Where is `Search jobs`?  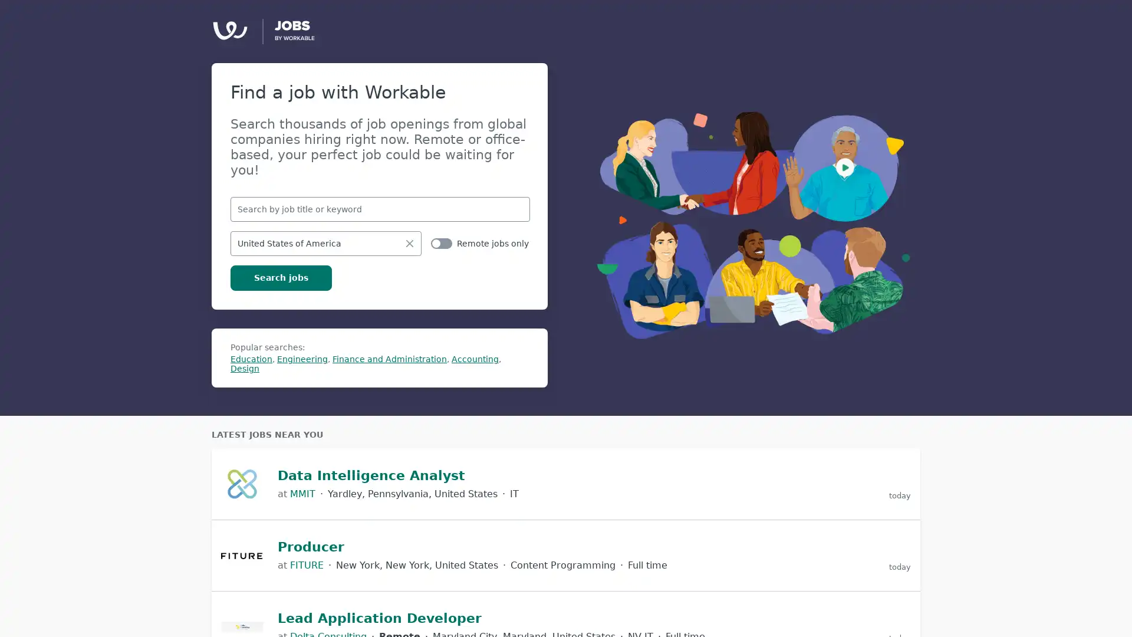
Search jobs is located at coordinates (280, 277).